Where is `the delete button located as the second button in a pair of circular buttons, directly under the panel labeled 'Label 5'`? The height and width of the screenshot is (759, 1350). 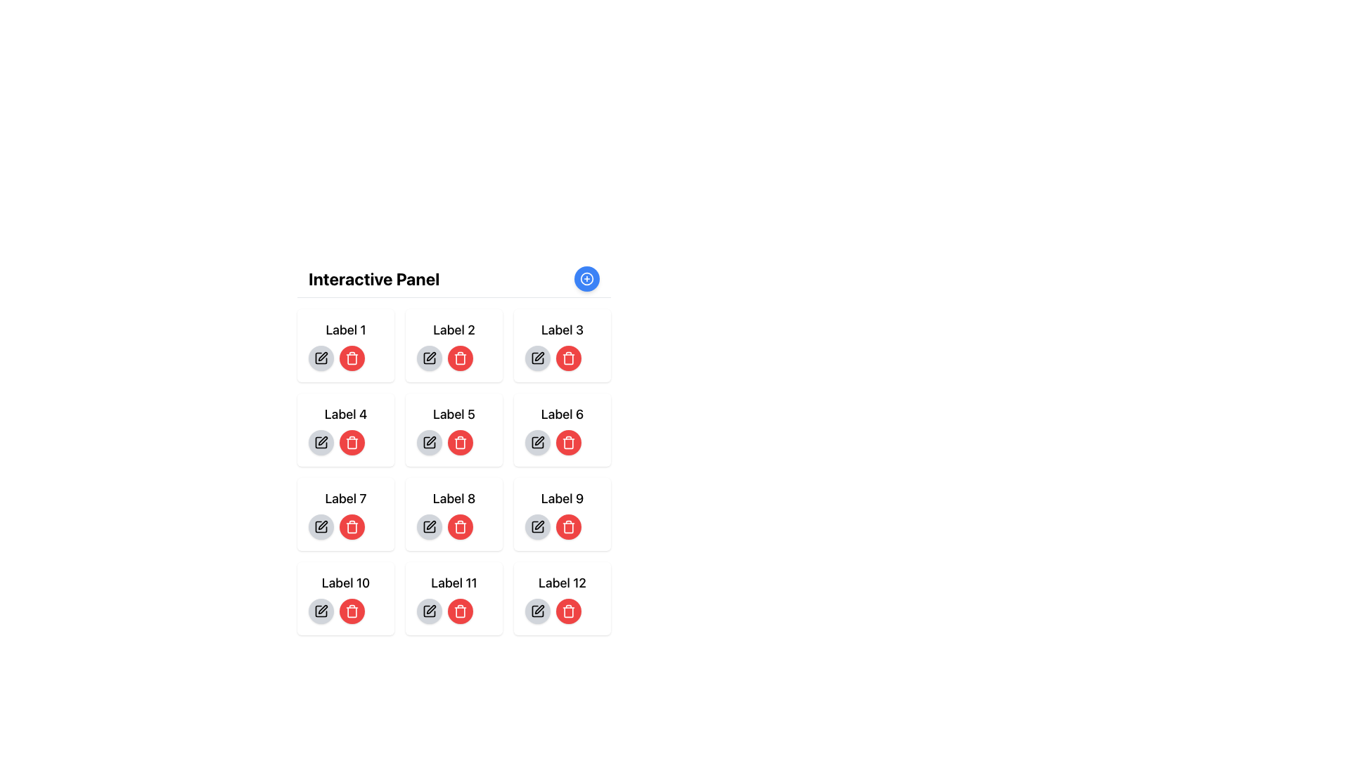 the delete button located as the second button in a pair of circular buttons, directly under the panel labeled 'Label 5' is located at coordinates (460, 441).